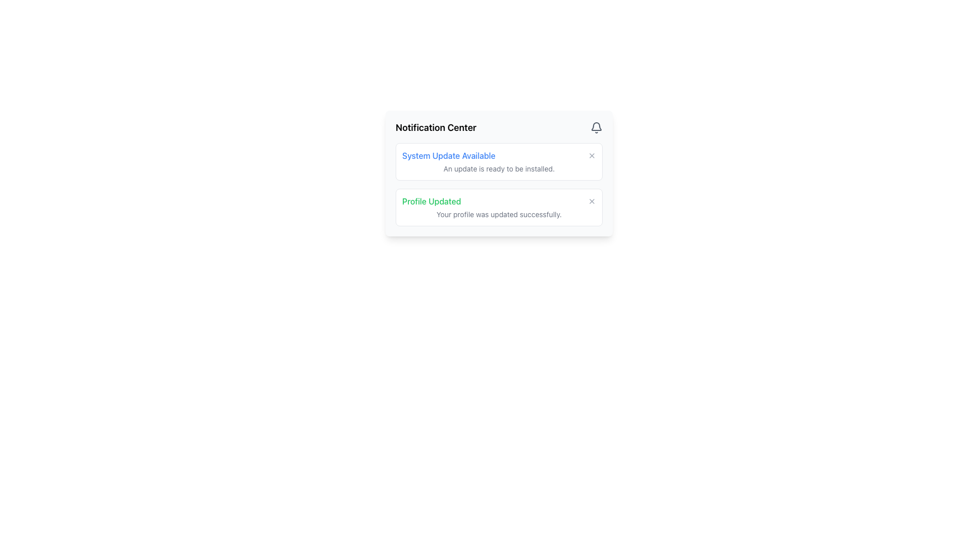 The image size is (974, 548). I want to click on notification message that states 'Profile Updated' in the Notification Center, which includes a prominent green text and a smaller gray text indicating the successful update, so click(499, 207).